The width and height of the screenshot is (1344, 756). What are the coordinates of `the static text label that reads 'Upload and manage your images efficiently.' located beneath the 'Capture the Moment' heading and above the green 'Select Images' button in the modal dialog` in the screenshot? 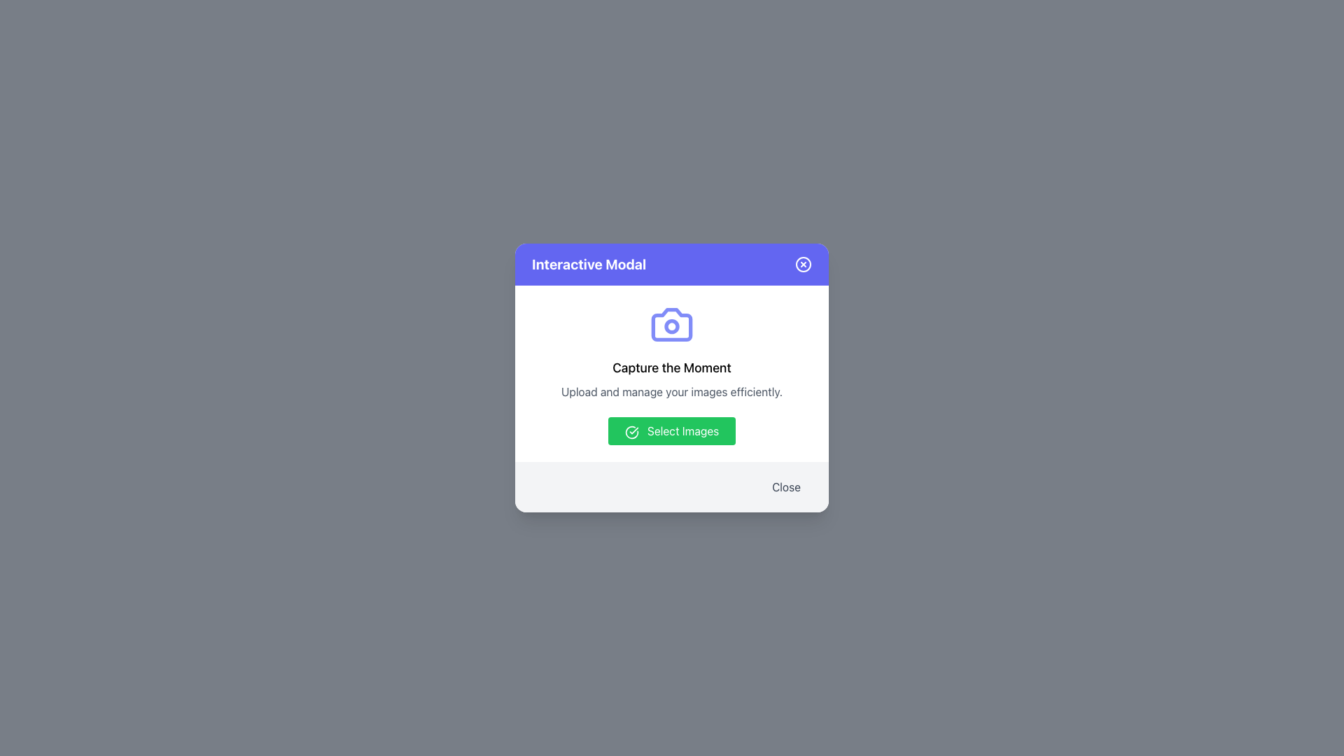 It's located at (672, 391).